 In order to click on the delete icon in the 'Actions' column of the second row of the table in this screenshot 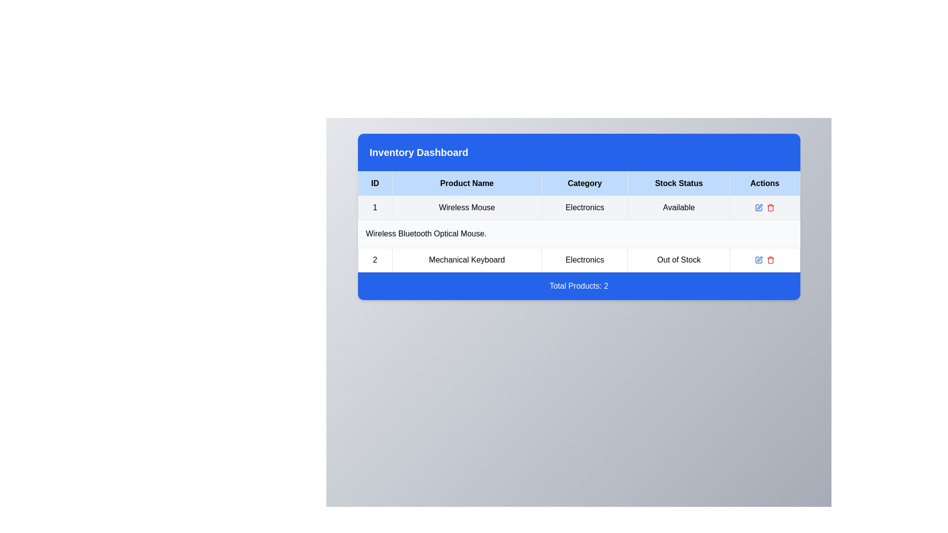, I will do `click(770, 260)`.